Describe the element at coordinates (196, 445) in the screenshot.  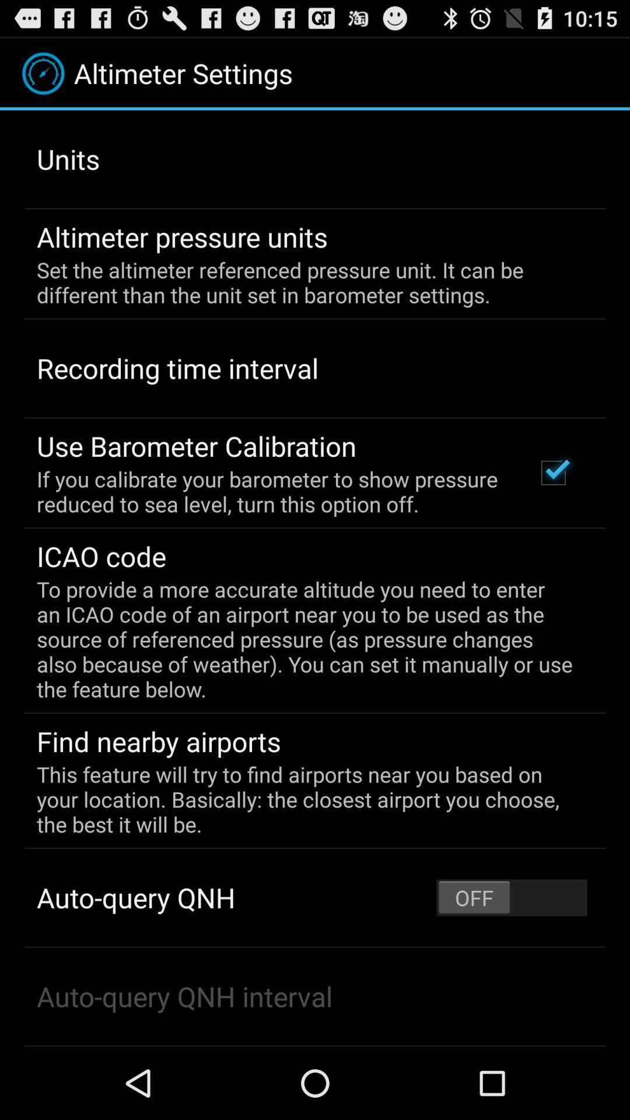
I see `use barometer calibration app` at that location.